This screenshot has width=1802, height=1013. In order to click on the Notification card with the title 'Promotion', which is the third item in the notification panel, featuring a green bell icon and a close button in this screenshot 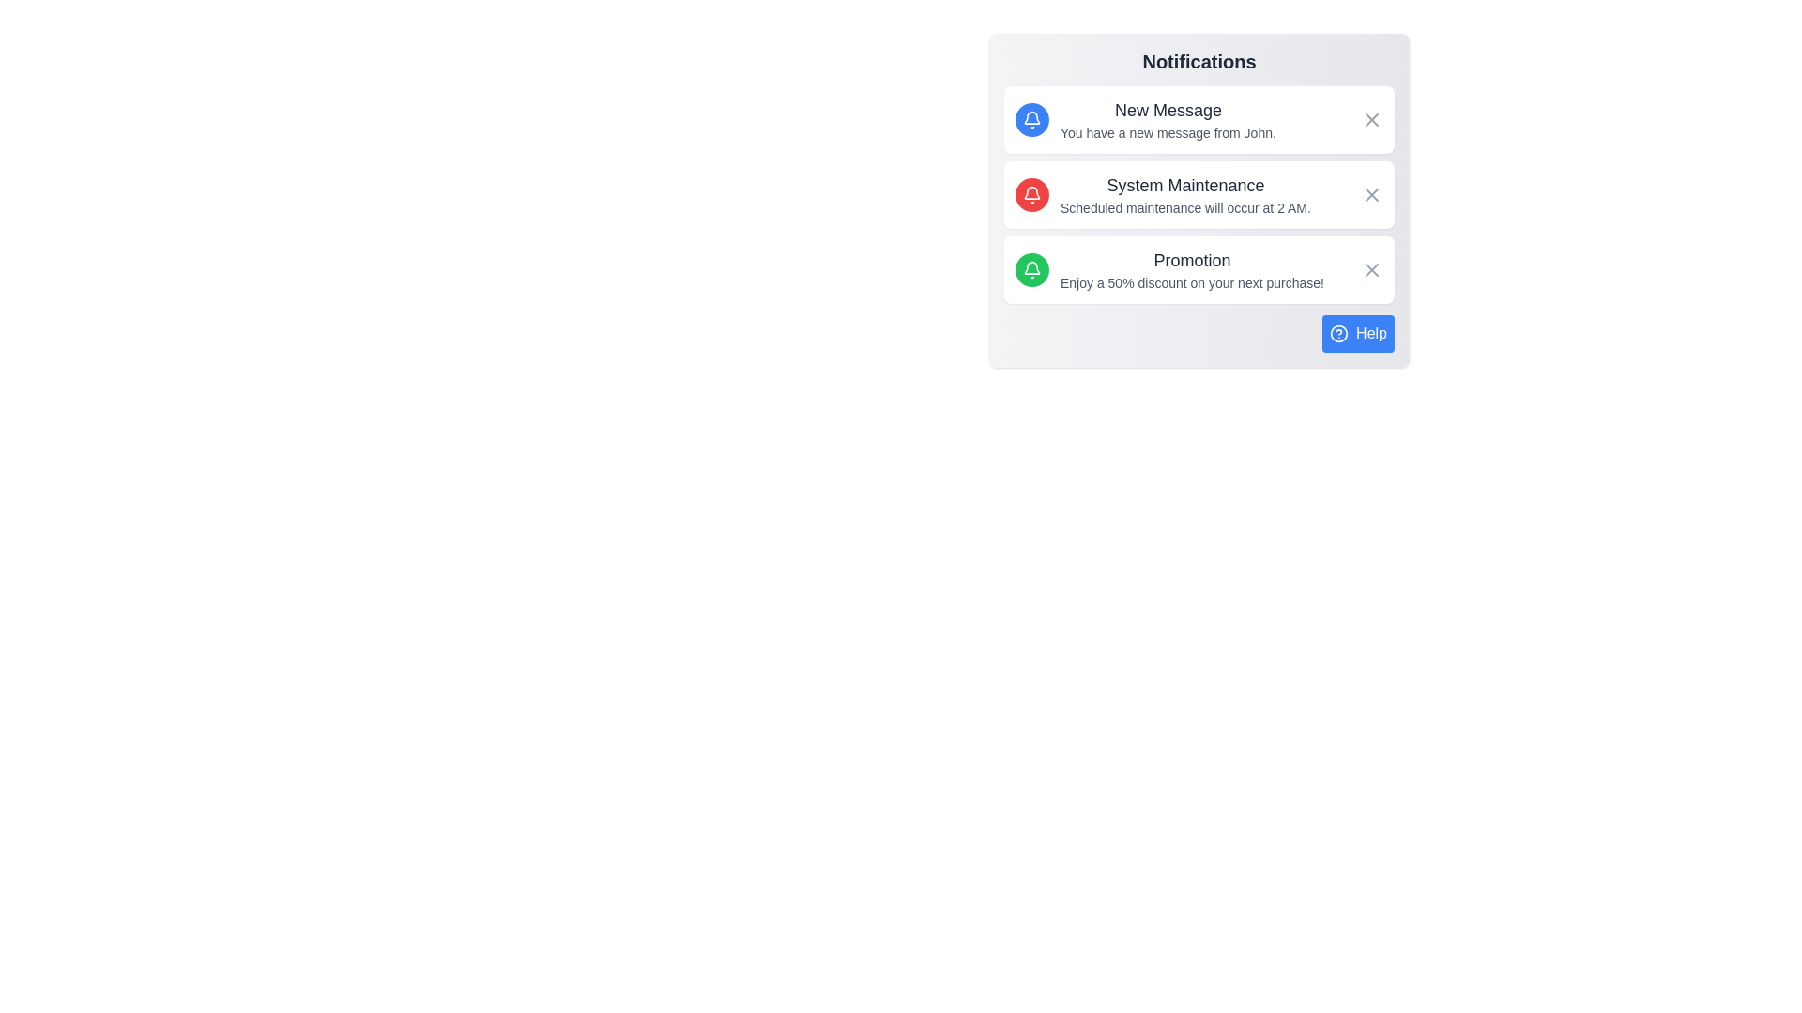, I will do `click(1198, 270)`.